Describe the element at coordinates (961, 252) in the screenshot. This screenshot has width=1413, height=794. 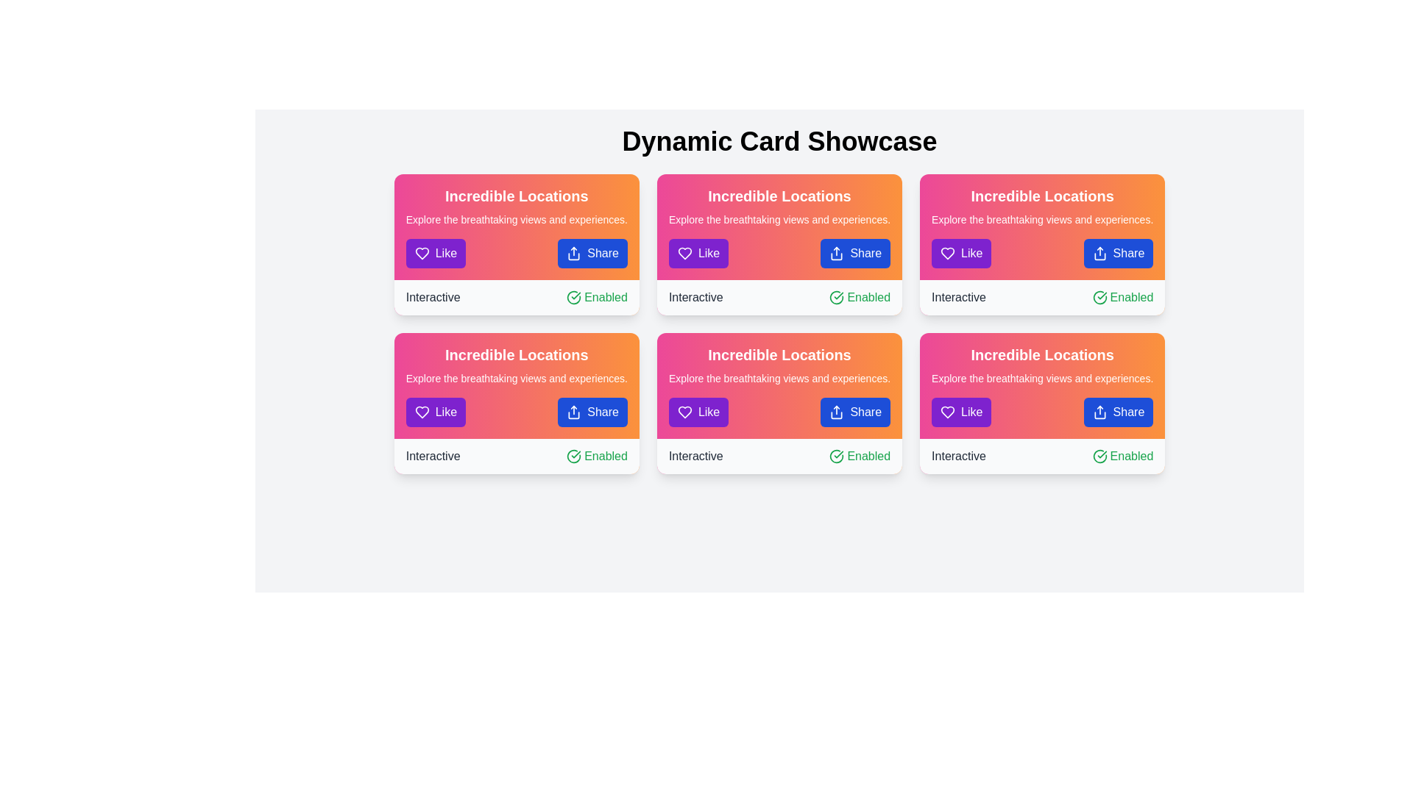
I see `the purple 'Like' button, which features a white heart icon on the left and the text 'Like' to the right, located in the second card row as the leftmost button` at that location.